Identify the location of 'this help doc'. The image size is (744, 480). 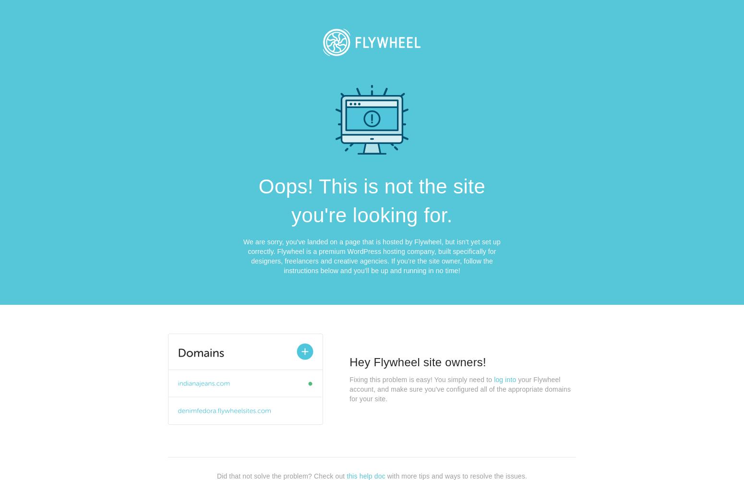
(365, 475).